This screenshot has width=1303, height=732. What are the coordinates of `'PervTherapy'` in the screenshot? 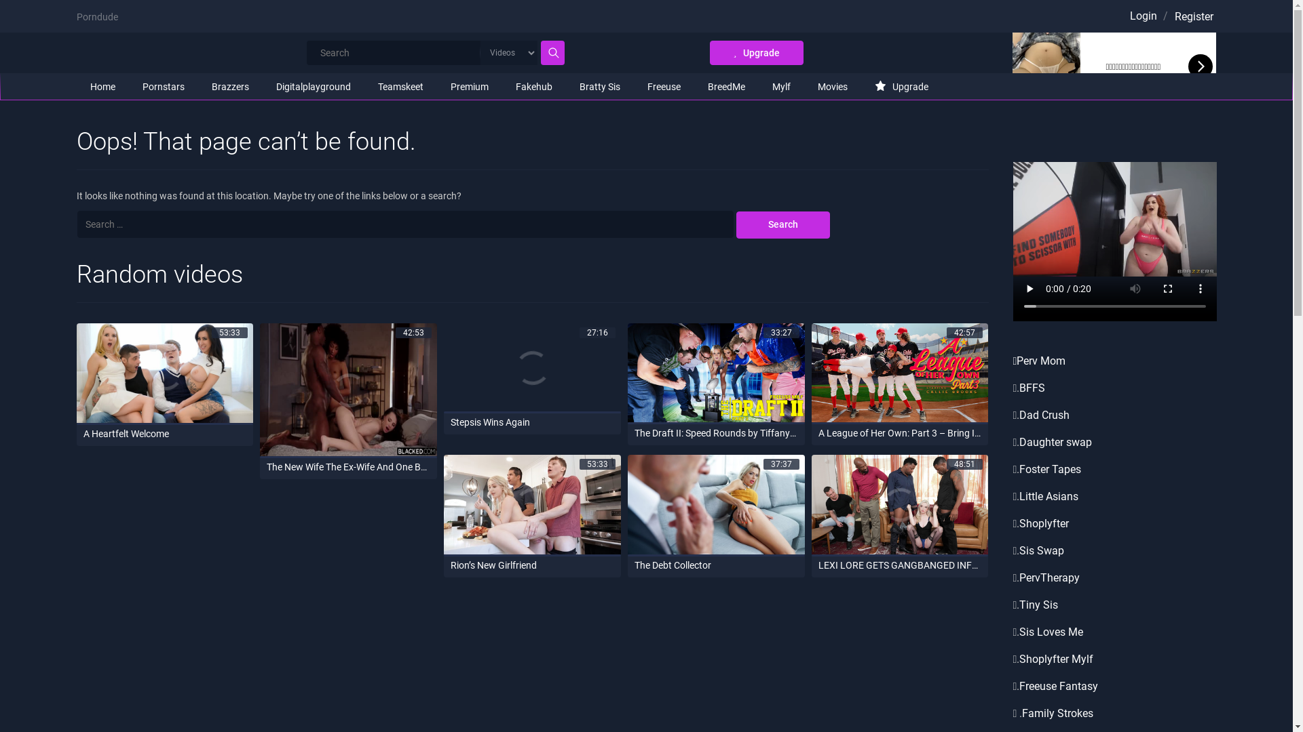 It's located at (1049, 577).